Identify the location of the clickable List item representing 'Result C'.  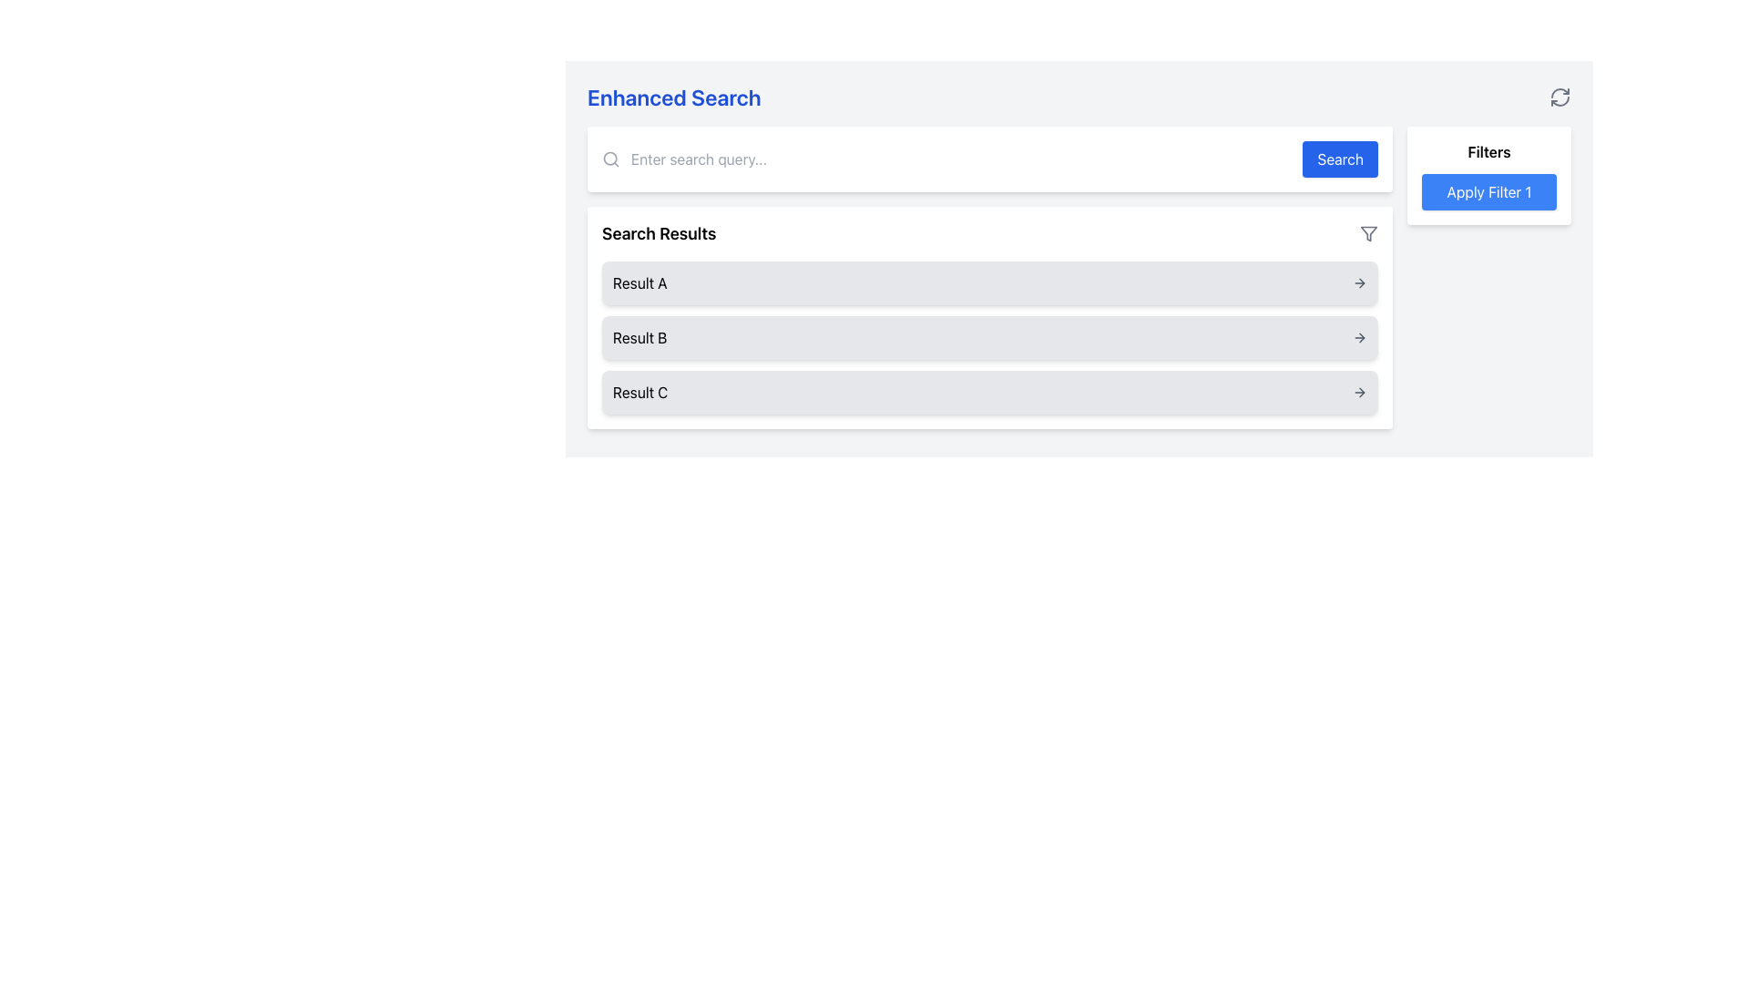
(988, 392).